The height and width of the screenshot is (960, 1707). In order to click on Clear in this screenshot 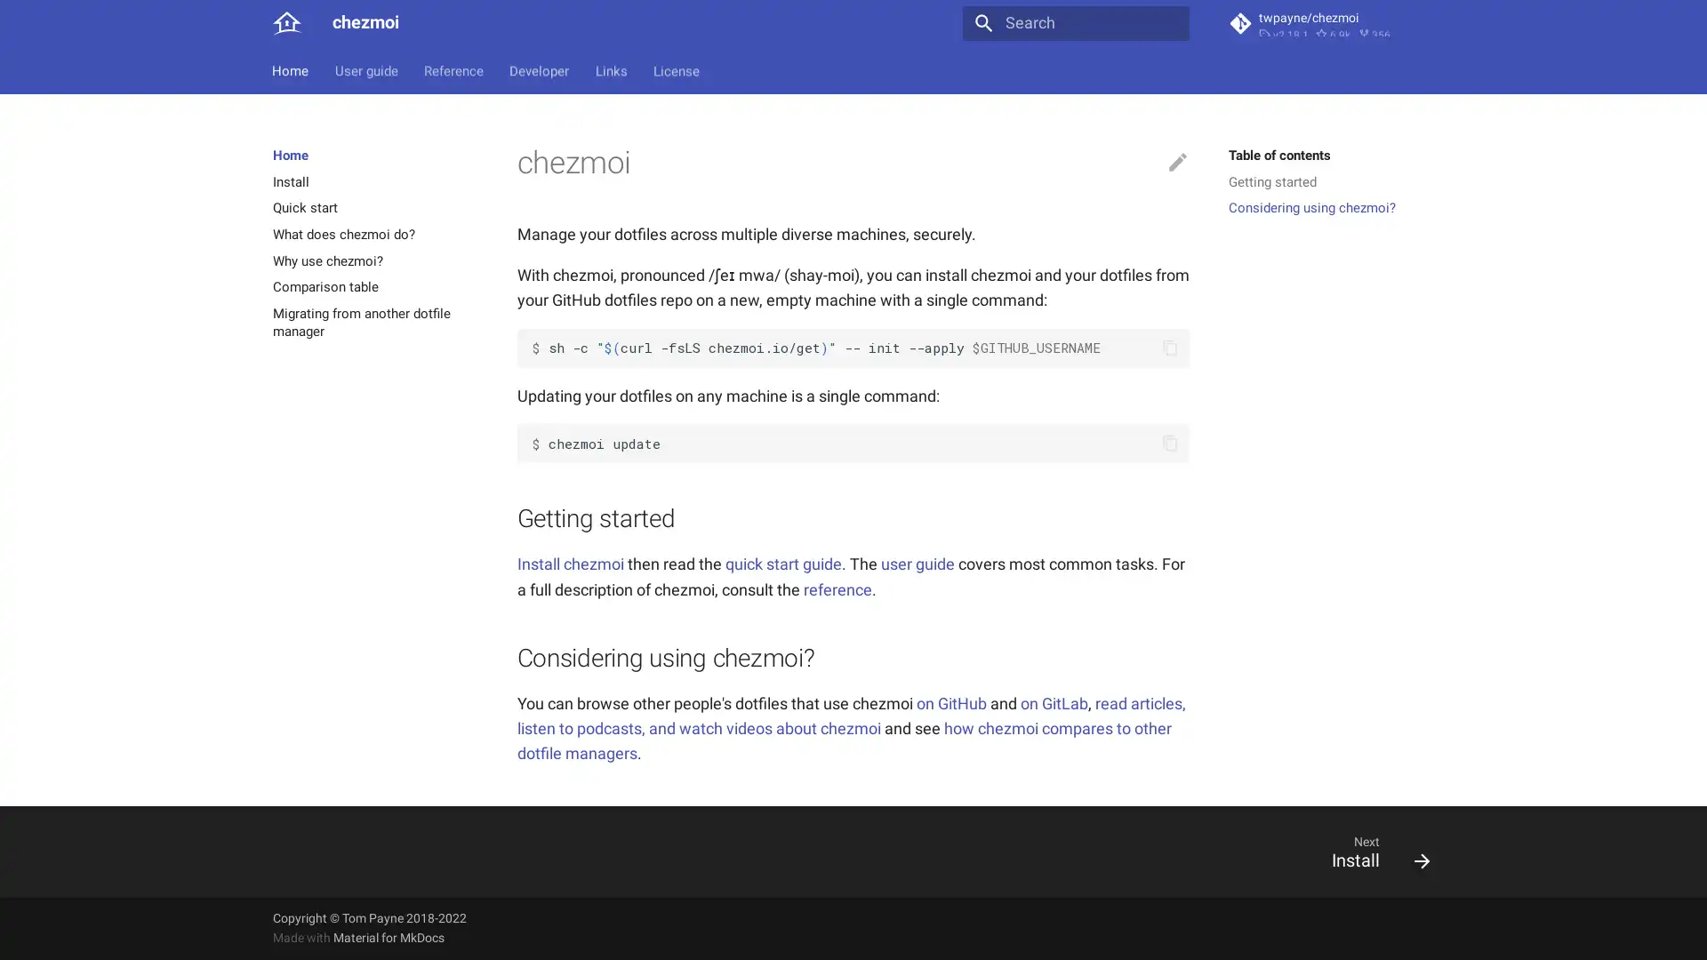, I will do `click(1168, 23)`.